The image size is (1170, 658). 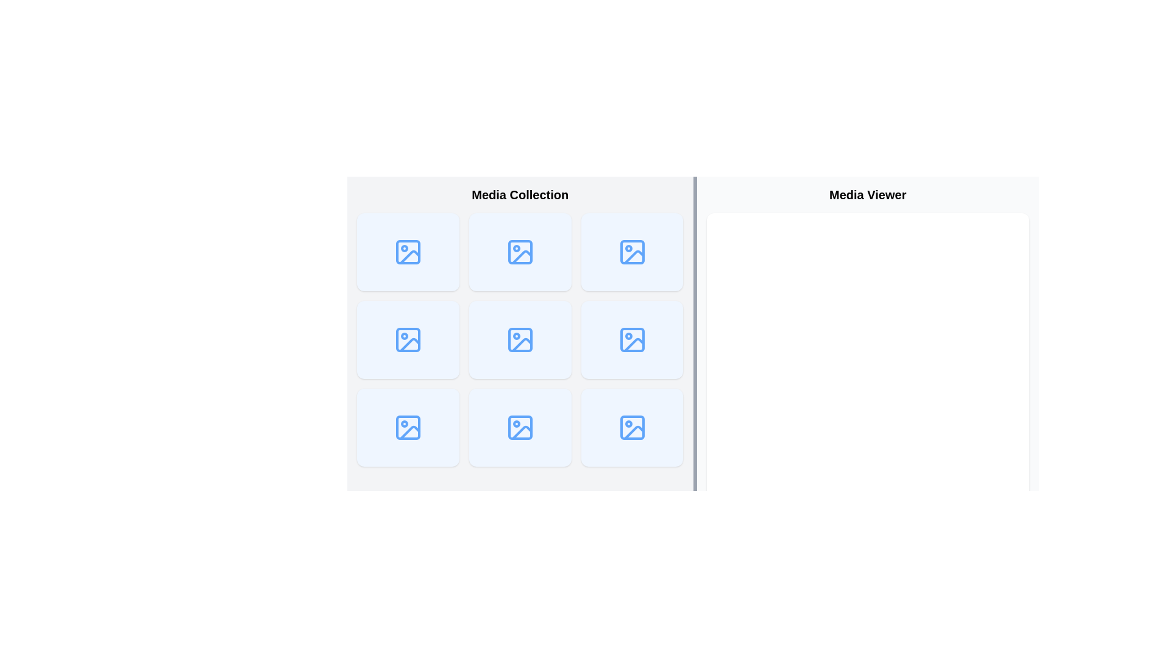 I want to click on the middle card in the bottom row of a 3x3 grid layout, so click(x=520, y=427).